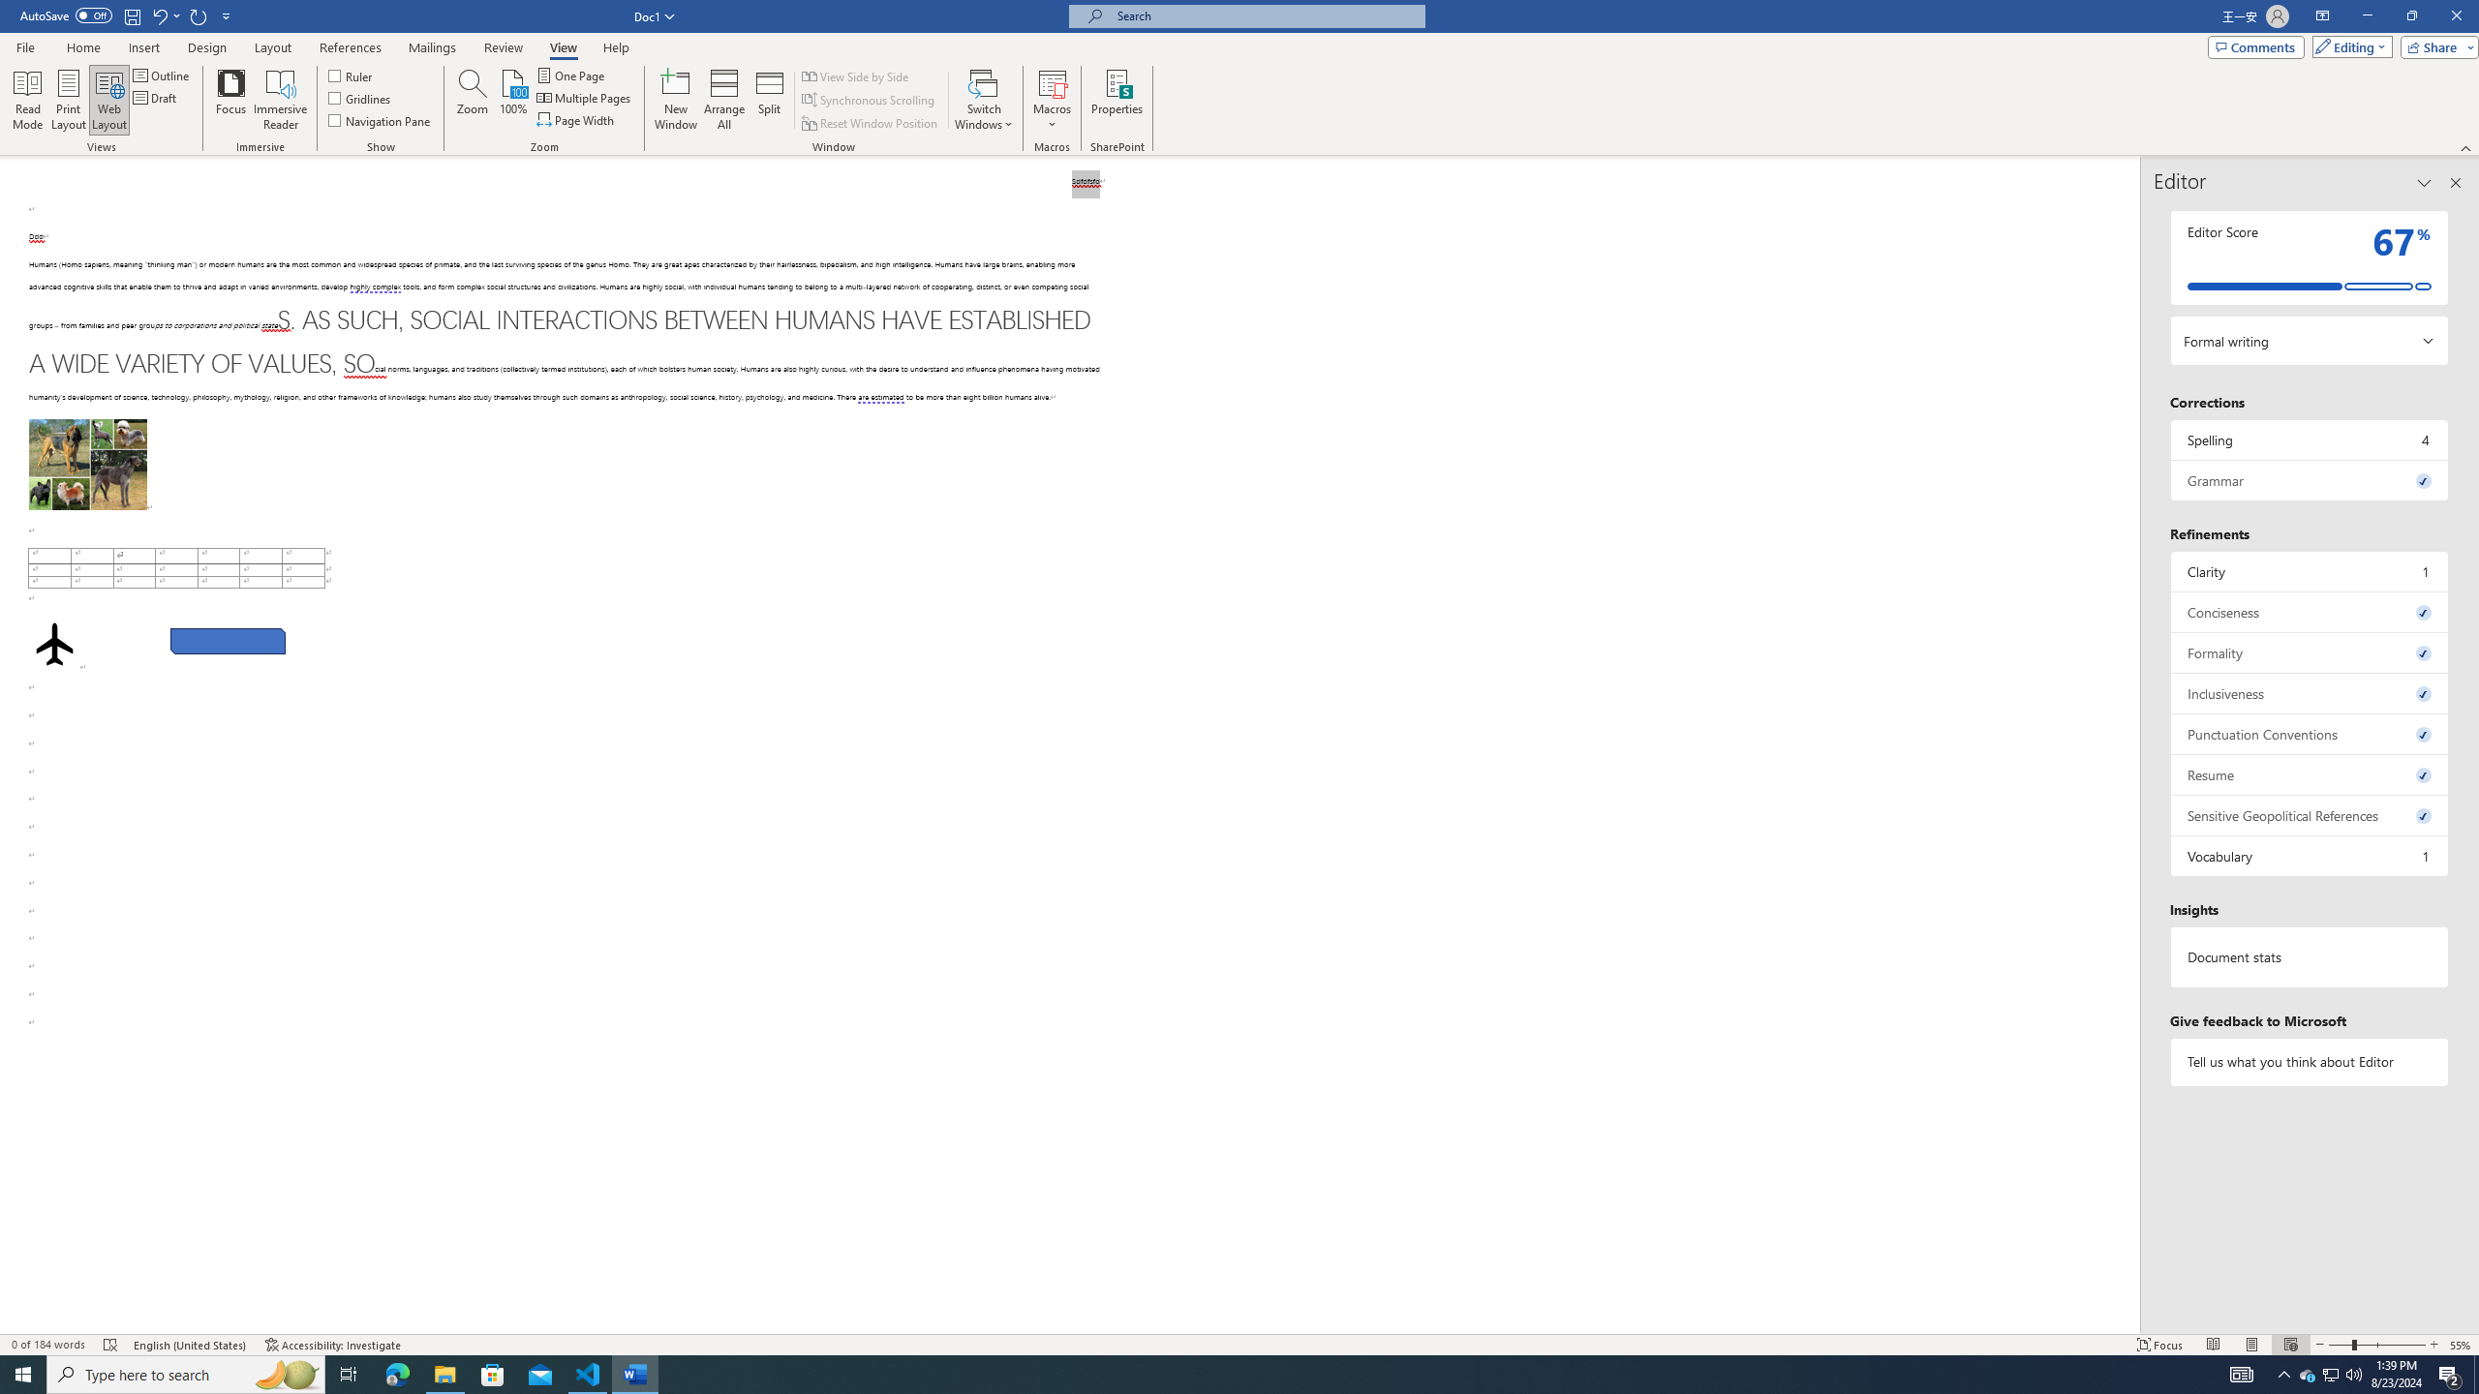 The width and height of the screenshot is (2479, 1394). I want to click on 'Focus', so click(231, 100).